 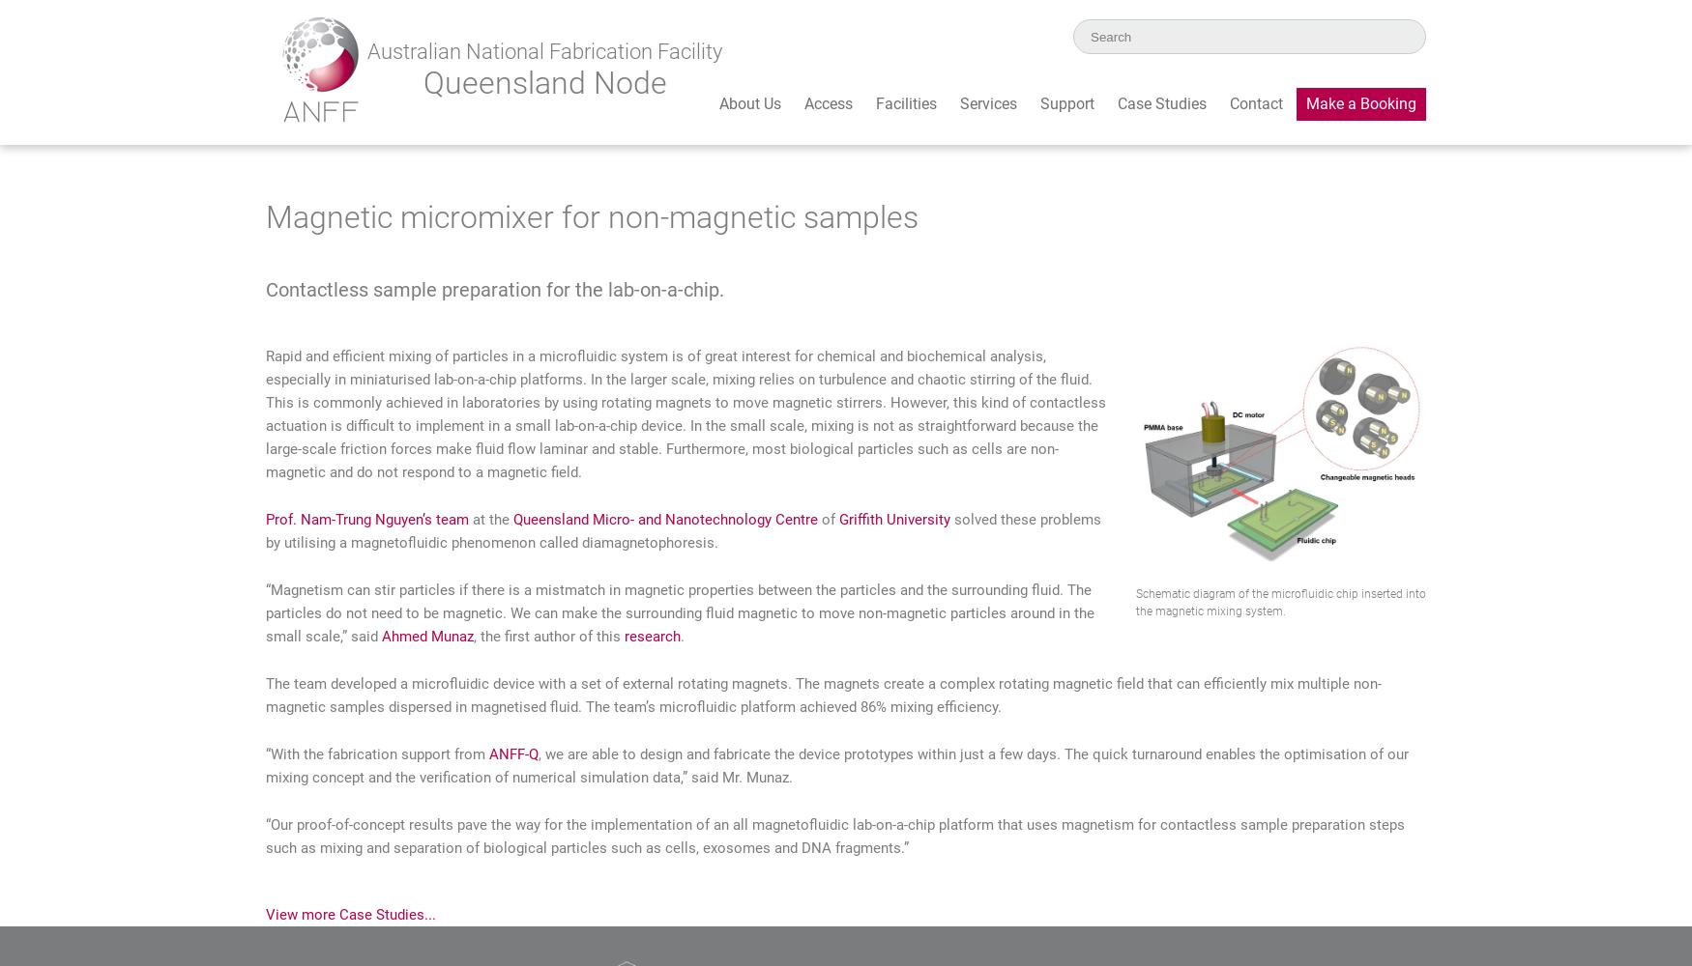 I want to click on 'Queensland Micro- and Nanotechnology Centre', so click(x=665, y=519).